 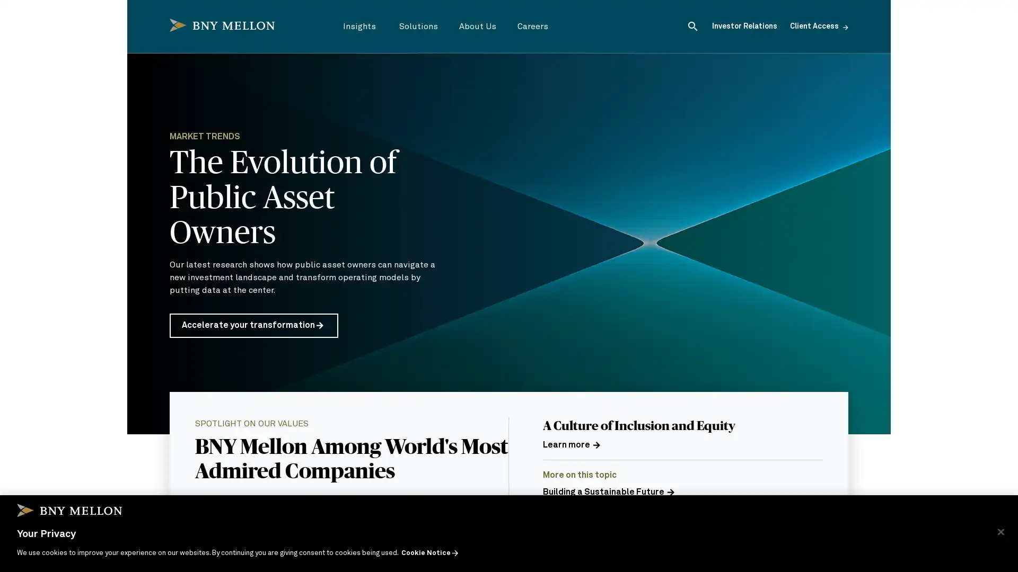 What do you see at coordinates (692, 25) in the screenshot?
I see `Search` at bounding box center [692, 25].